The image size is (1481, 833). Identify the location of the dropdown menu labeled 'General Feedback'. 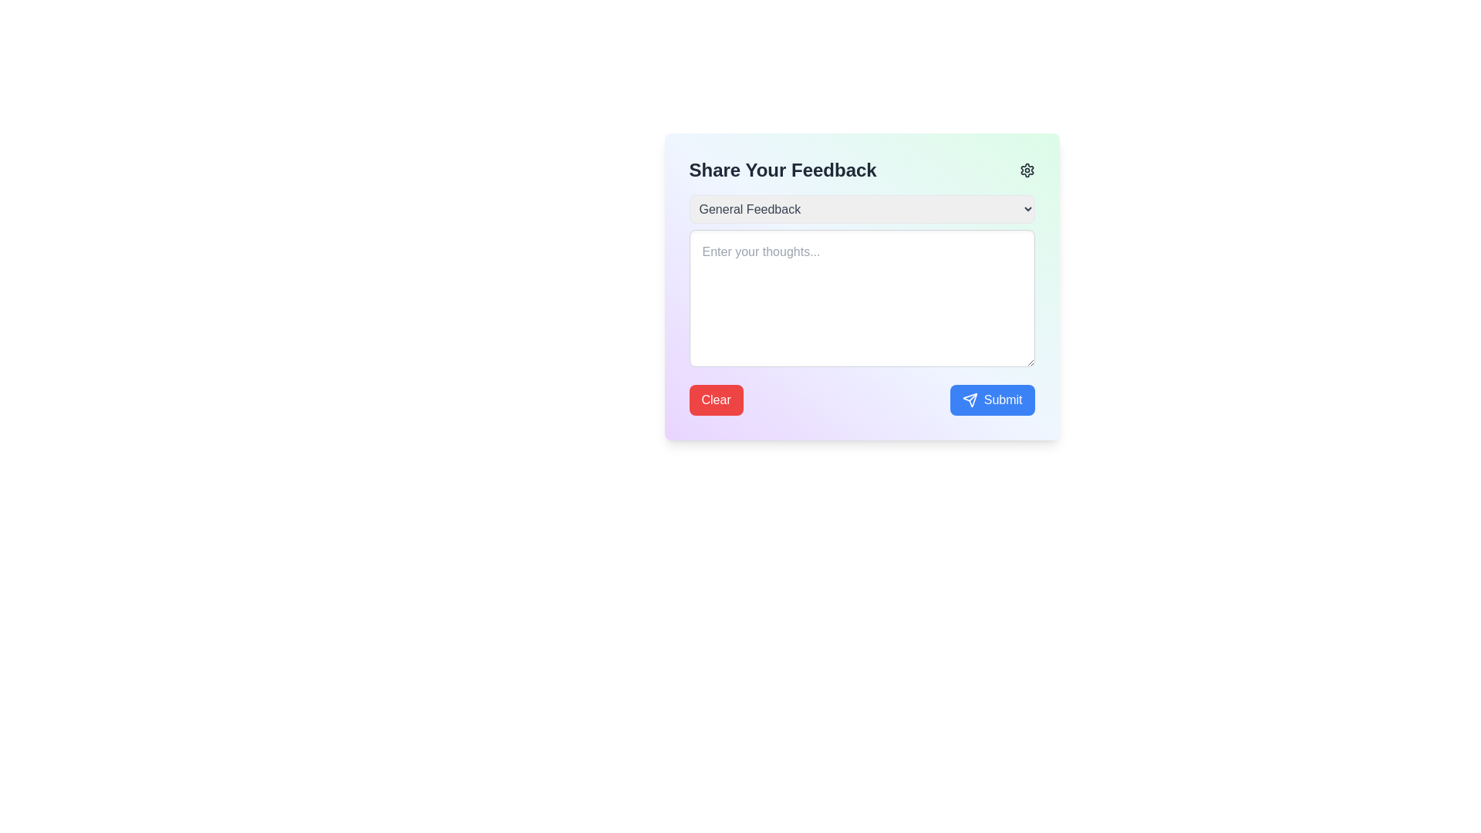
(861, 209).